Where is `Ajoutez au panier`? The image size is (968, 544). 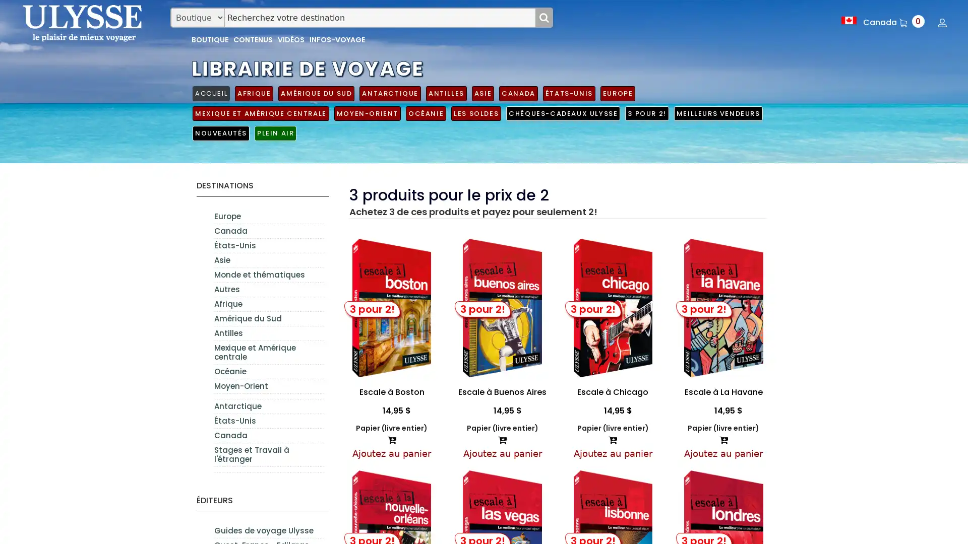
Ajoutez au panier is located at coordinates (391, 452).